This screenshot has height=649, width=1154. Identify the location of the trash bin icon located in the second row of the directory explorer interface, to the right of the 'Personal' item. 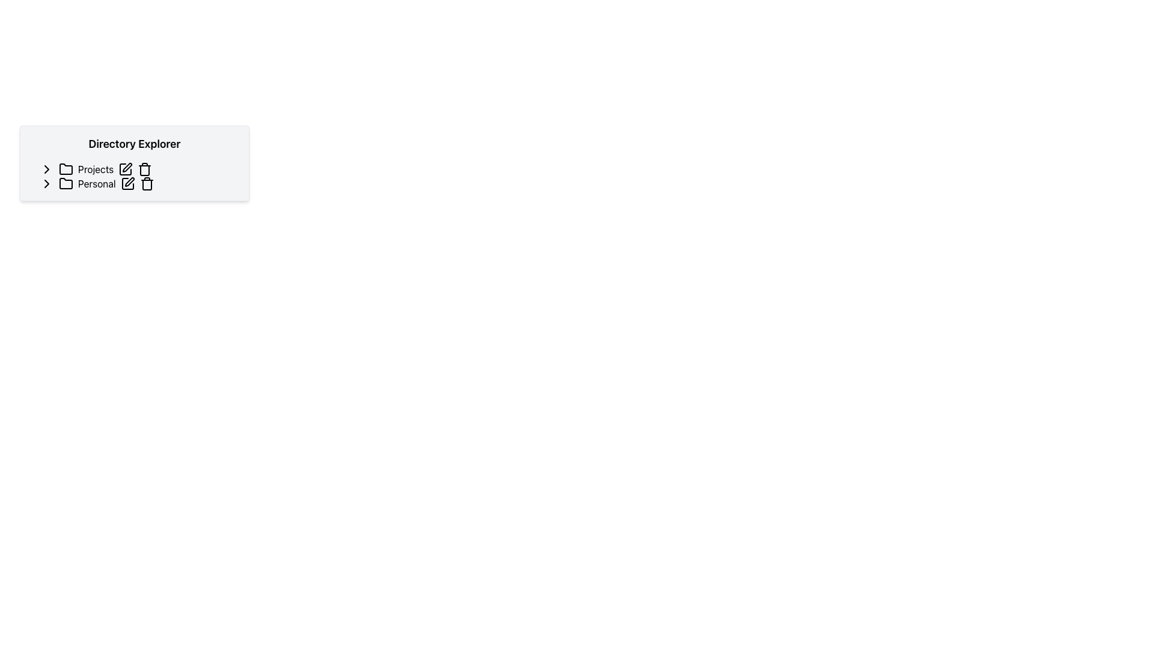
(146, 183).